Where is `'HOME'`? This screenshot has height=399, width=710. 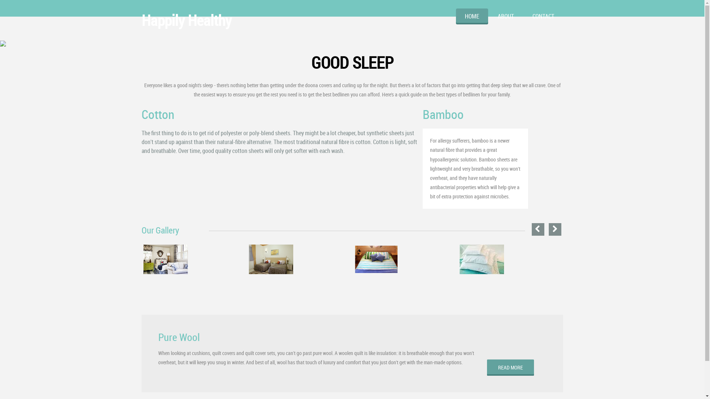
'HOME' is located at coordinates (455, 16).